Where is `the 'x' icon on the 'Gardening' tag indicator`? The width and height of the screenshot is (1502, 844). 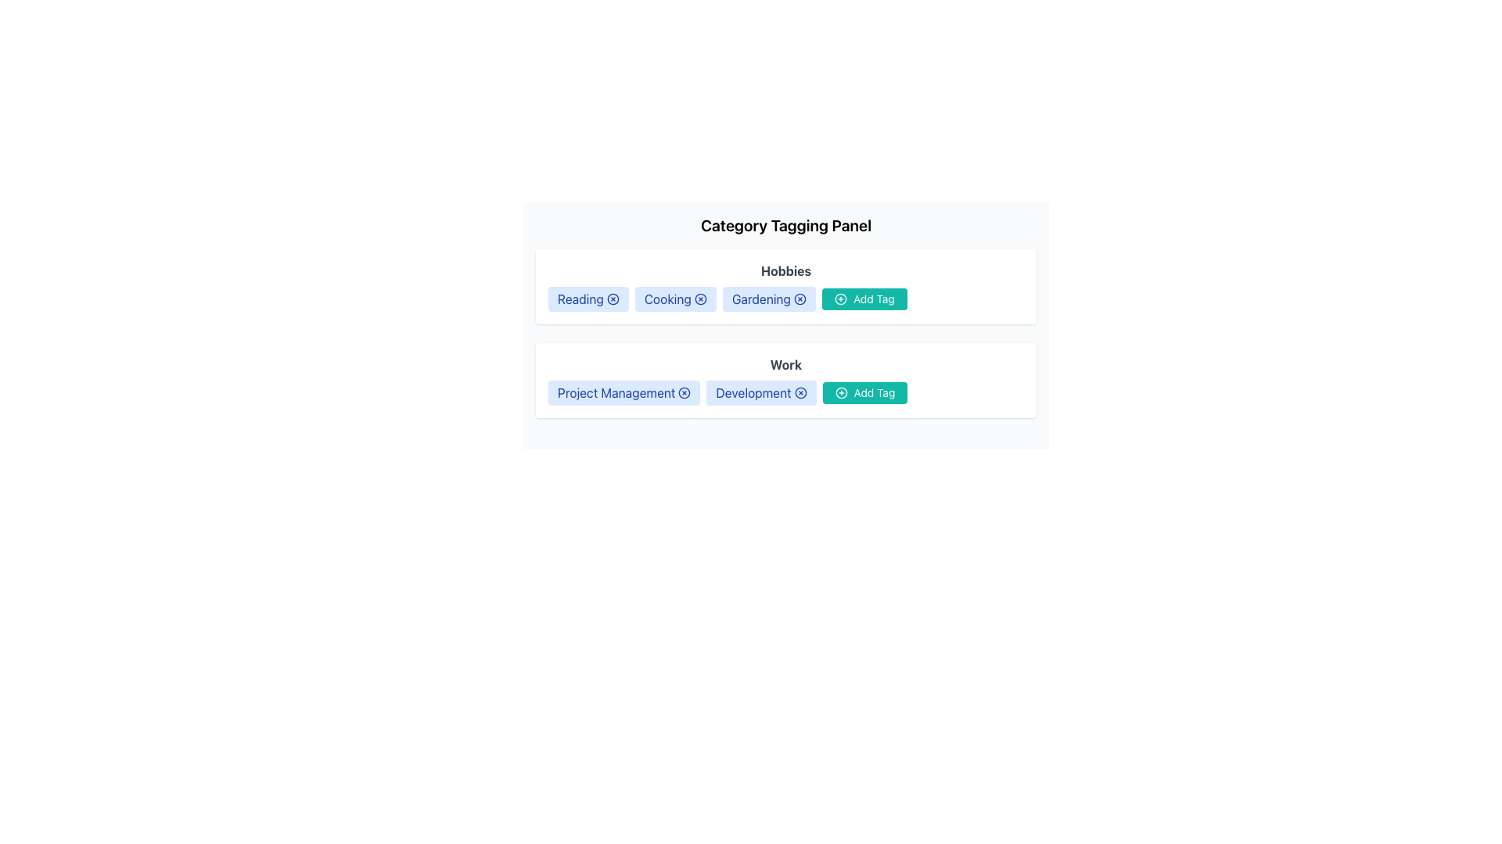
the 'x' icon on the 'Gardening' tag indicator is located at coordinates (769, 299).